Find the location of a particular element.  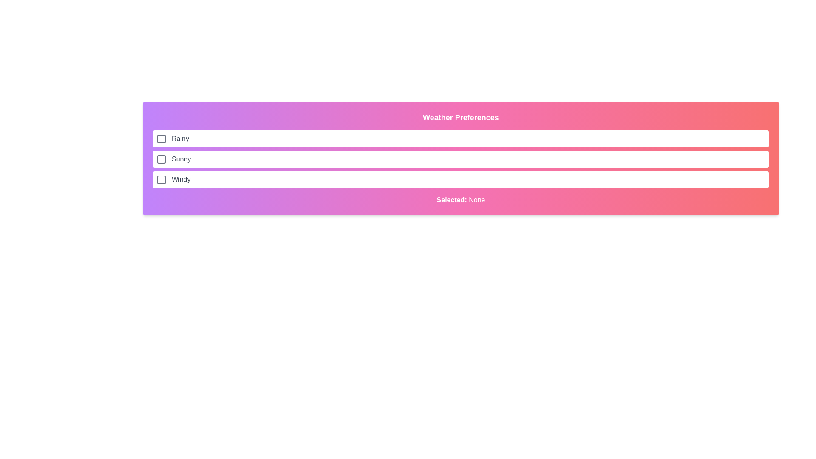

the decorative graphic element within the 'Sunny' option in the weather preferences interface is located at coordinates (161, 159).